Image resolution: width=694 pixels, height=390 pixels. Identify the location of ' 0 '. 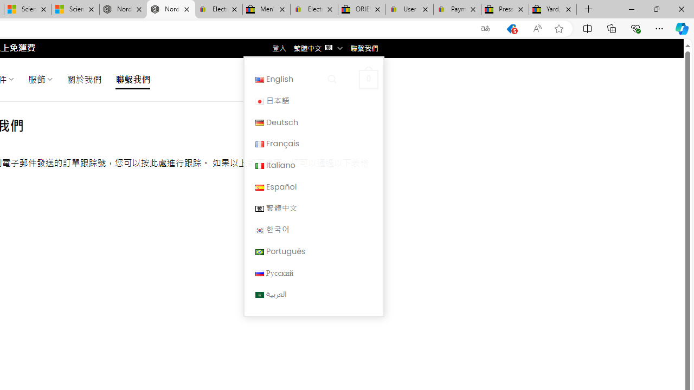
(368, 79).